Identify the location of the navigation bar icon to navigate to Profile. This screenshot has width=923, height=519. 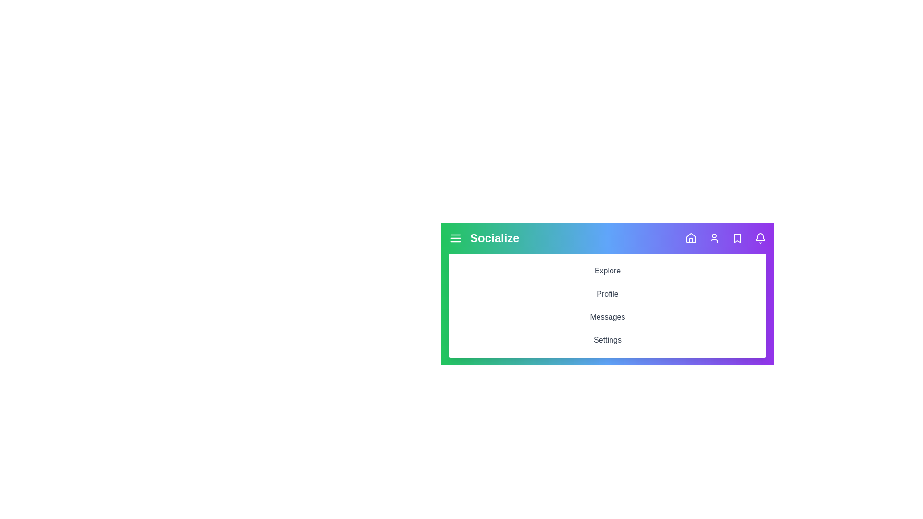
(714, 238).